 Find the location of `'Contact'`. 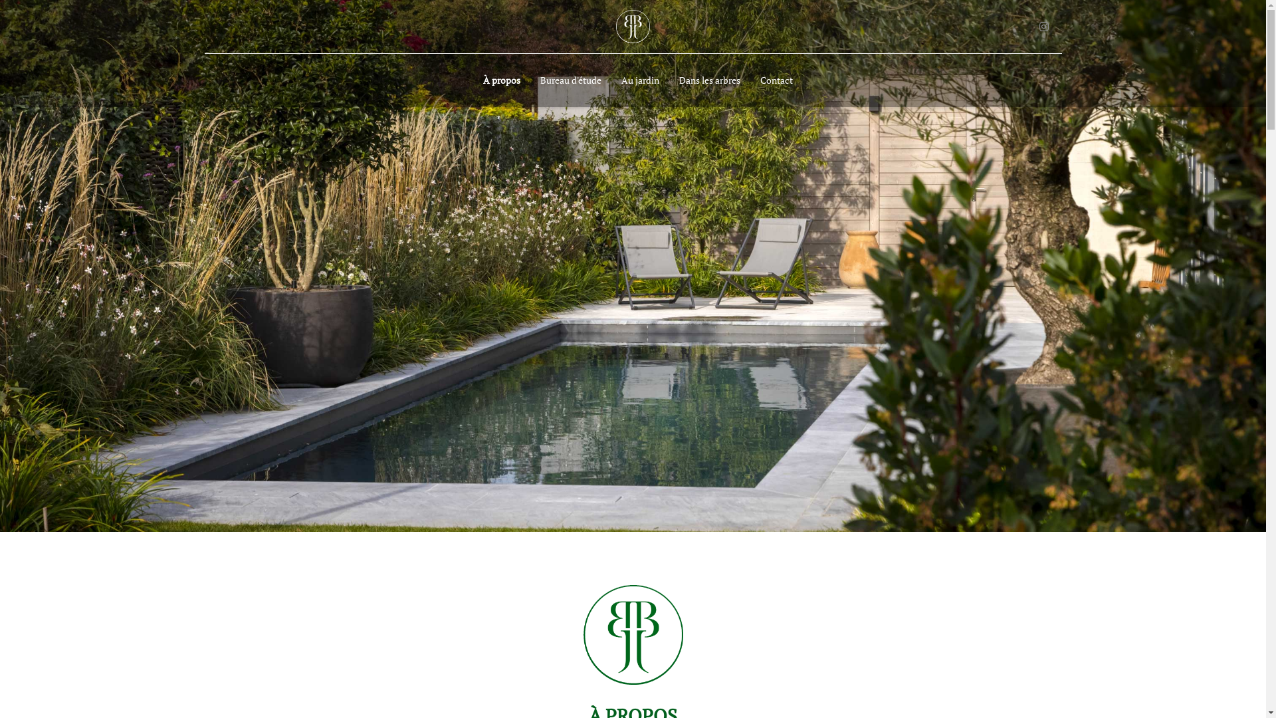

'Contact' is located at coordinates (750, 80).